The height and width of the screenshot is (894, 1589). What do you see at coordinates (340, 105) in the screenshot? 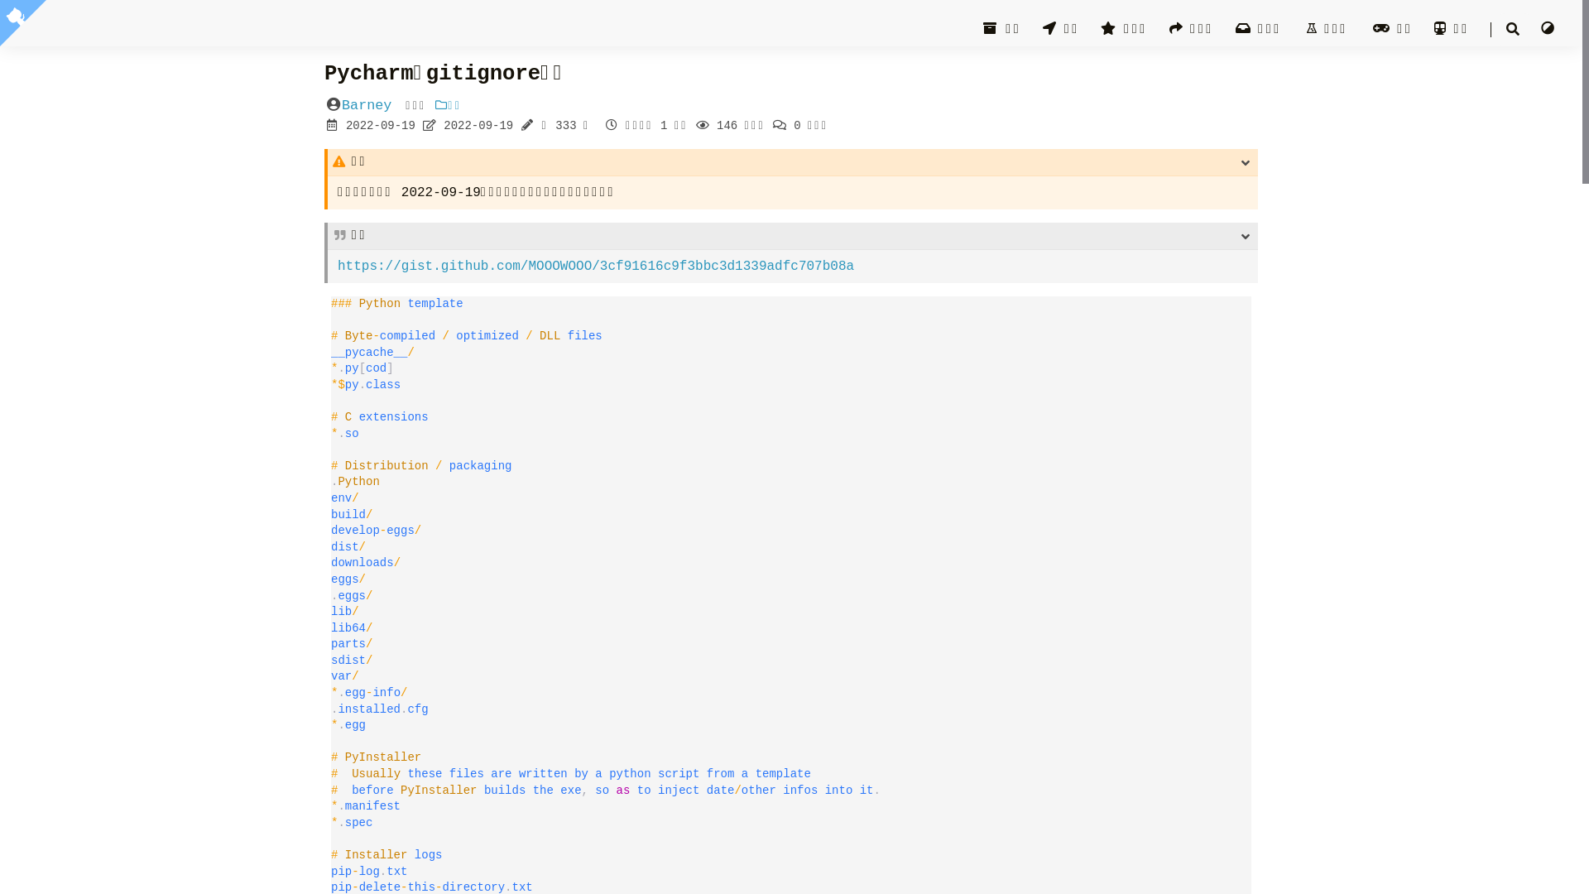
I see `'Barney'` at bounding box center [340, 105].